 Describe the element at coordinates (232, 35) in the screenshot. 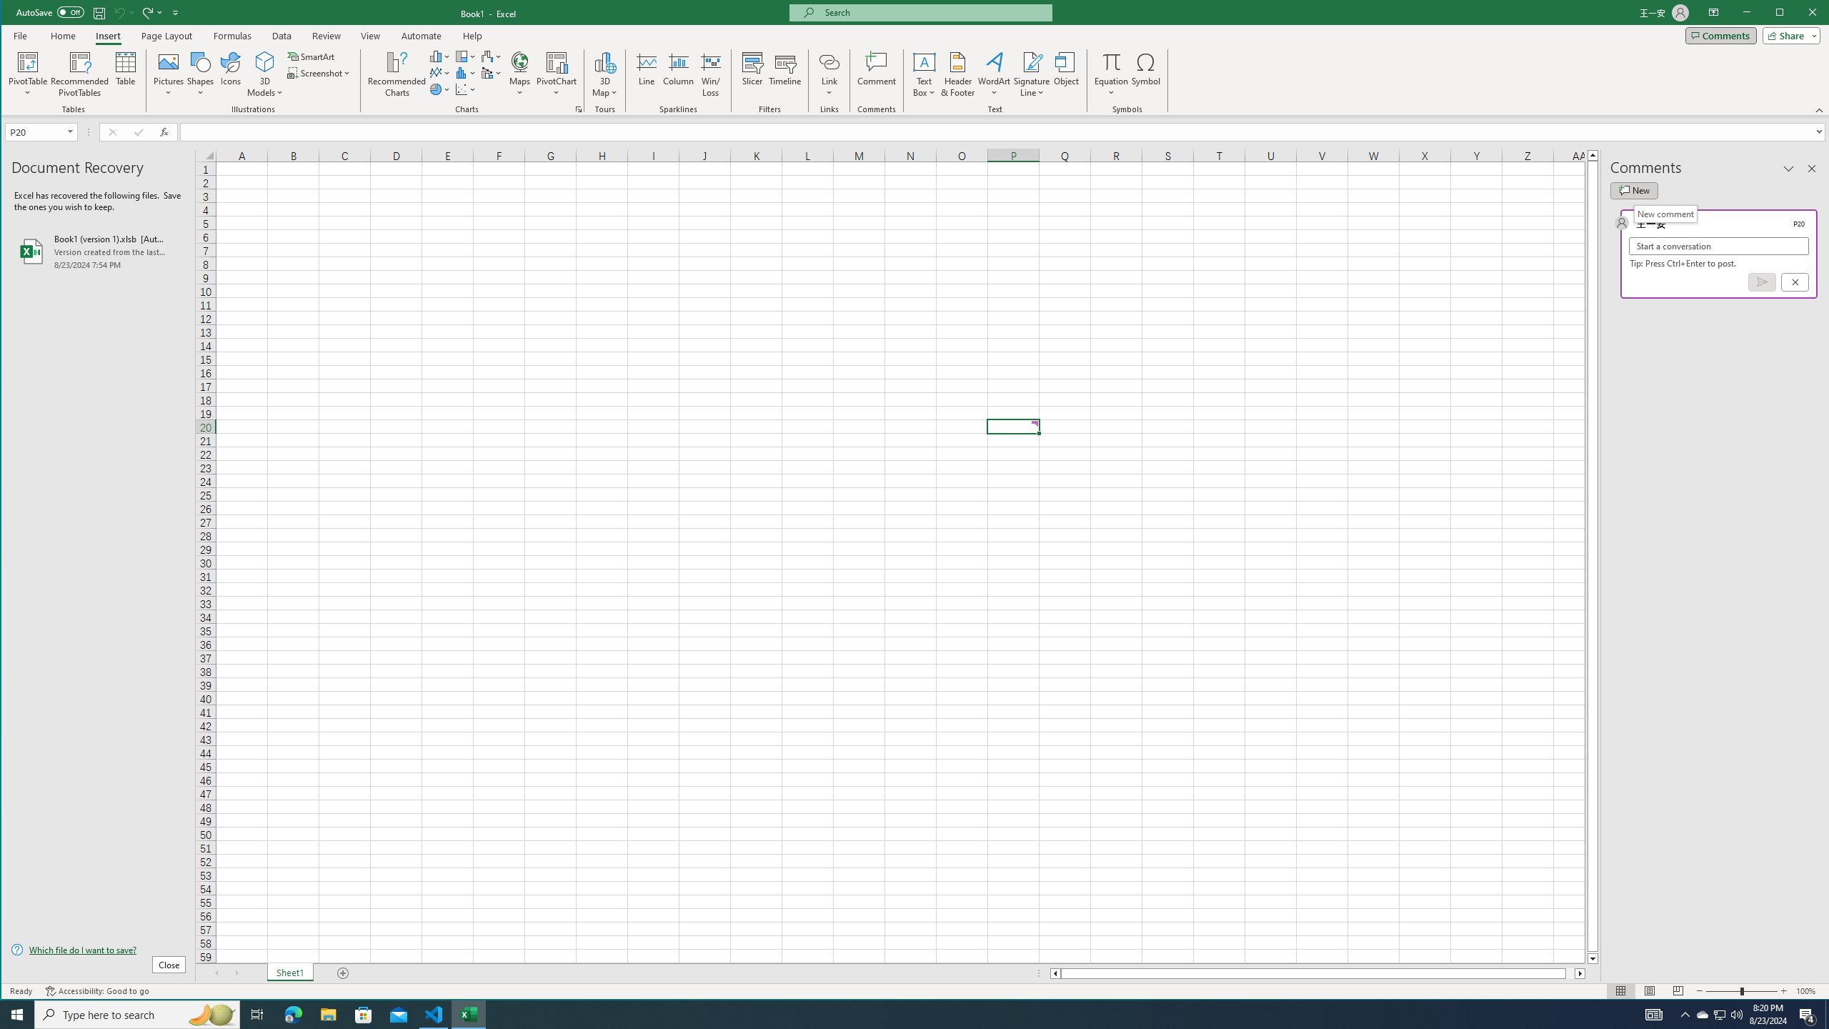

I see `'Formulas'` at that location.